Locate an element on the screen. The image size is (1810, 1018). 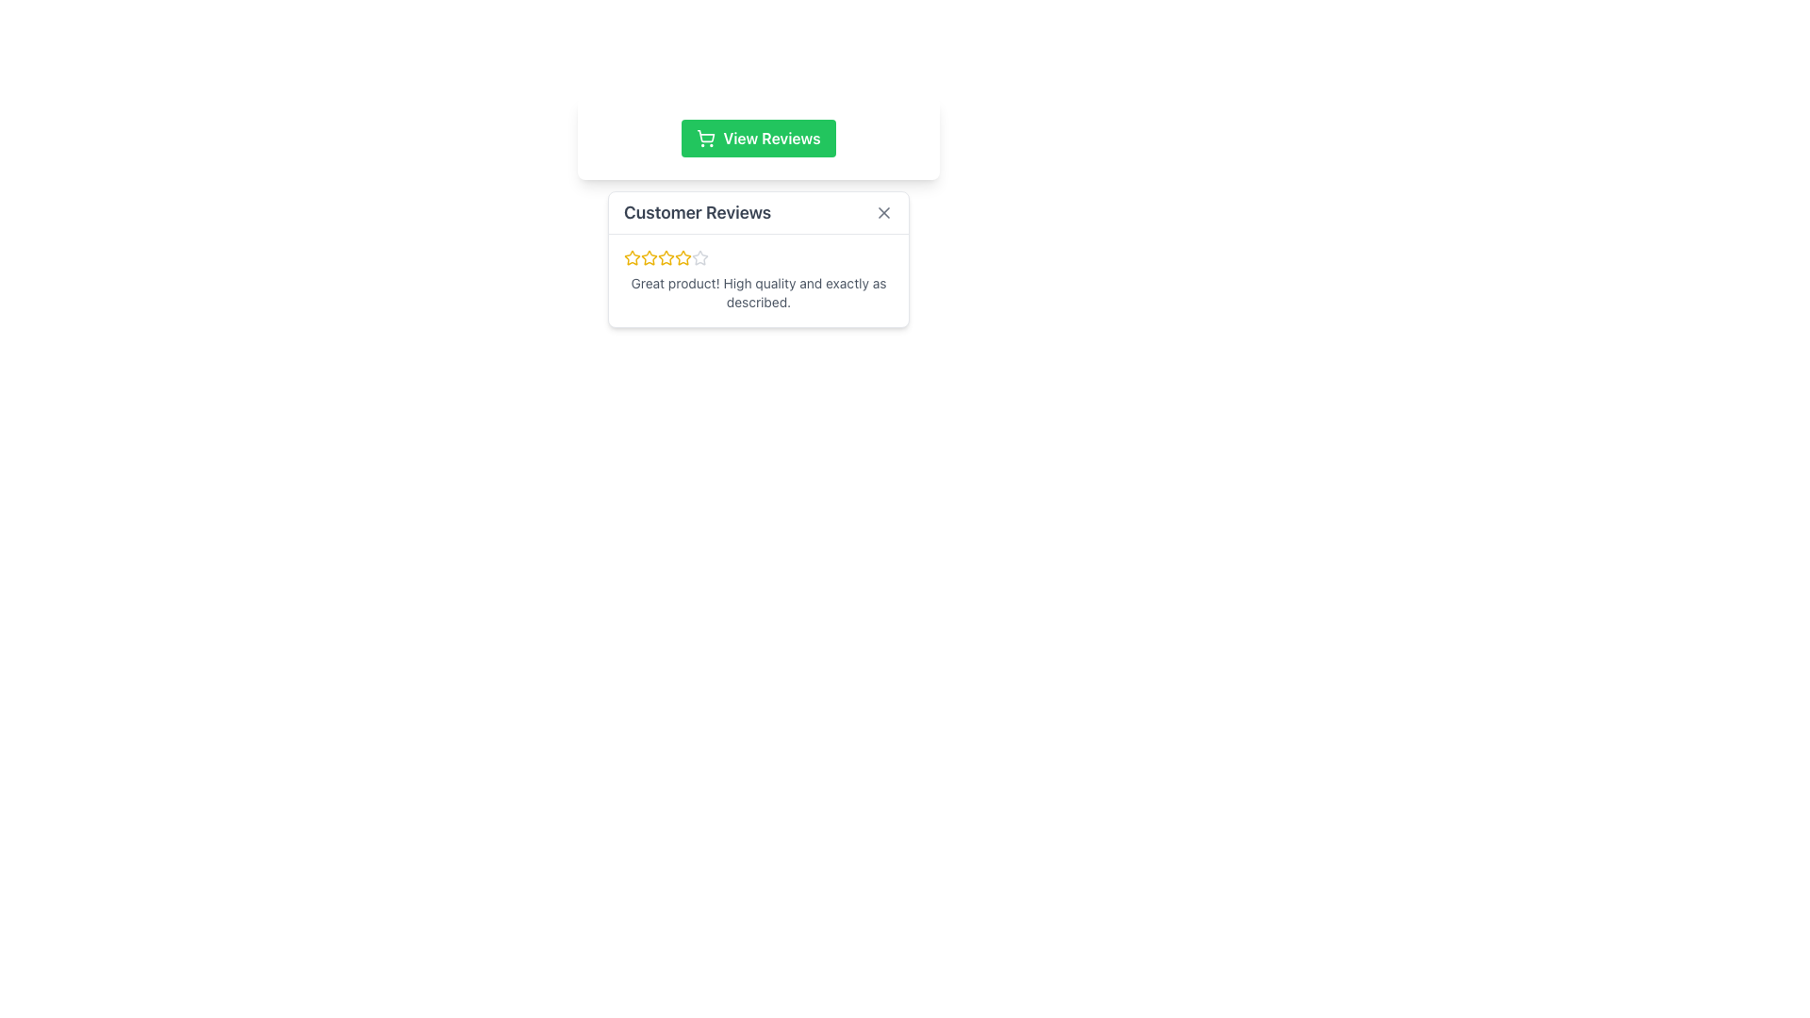
review content displayed in the Review Box located in the 'Customer Reviews' section, below the title and adjacent to the close icon is located at coordinates (759, 280).